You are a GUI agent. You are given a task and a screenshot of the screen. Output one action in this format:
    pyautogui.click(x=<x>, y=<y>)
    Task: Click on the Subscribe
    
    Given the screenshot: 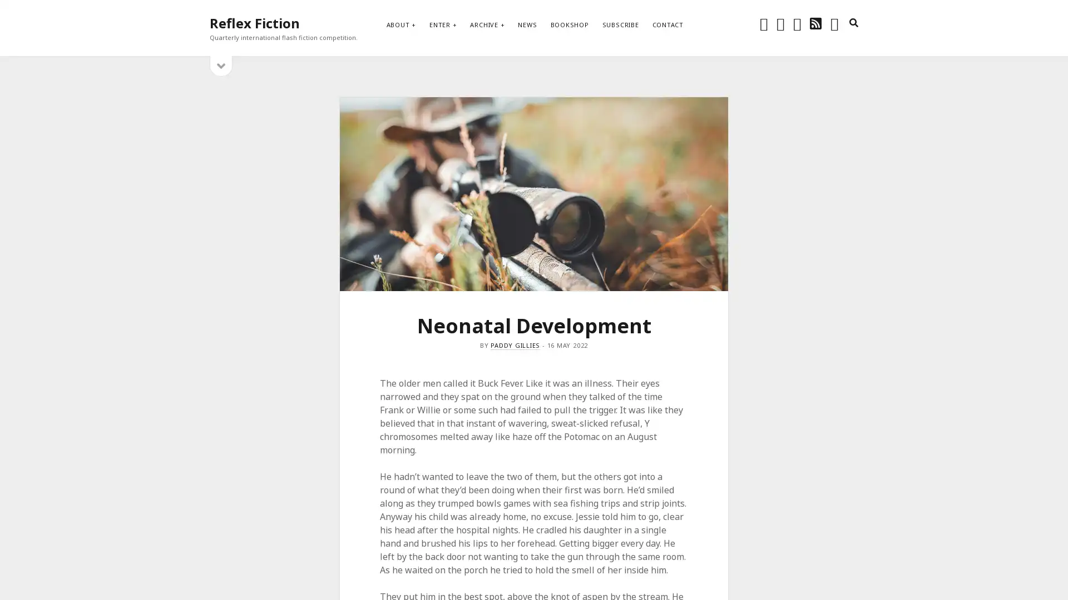 What is the action you would take?
    pyautogui.click(x=671, y=128)
    